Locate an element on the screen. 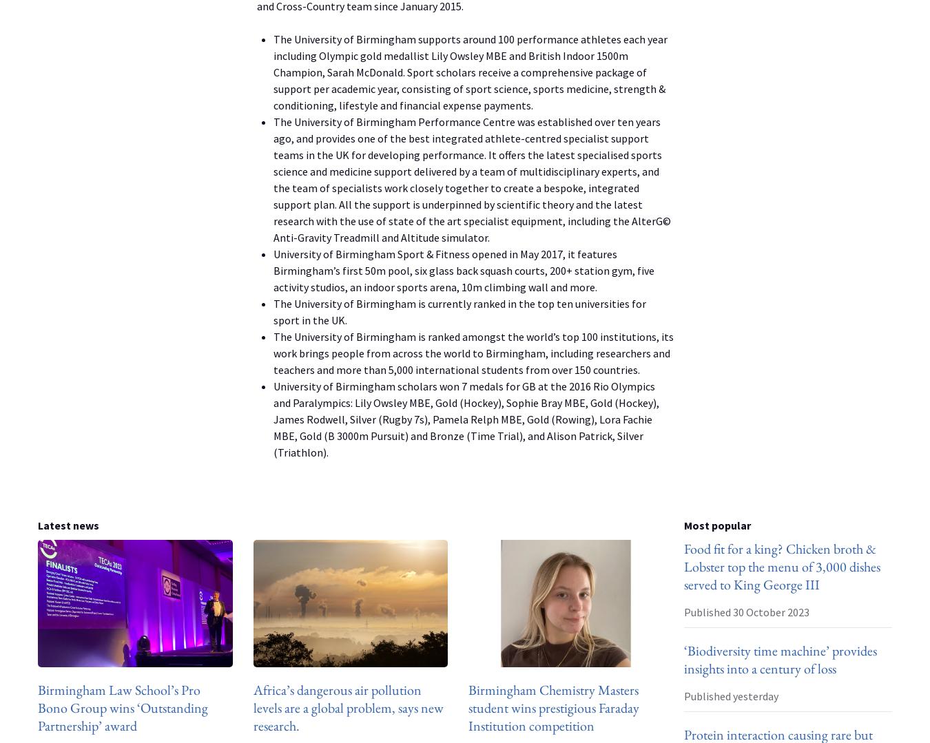 The image size is (930, 743). 'Birmingham Chemistry Masters student wins prestigious Faraday Institution competition' is located at coordinates (554, 707).